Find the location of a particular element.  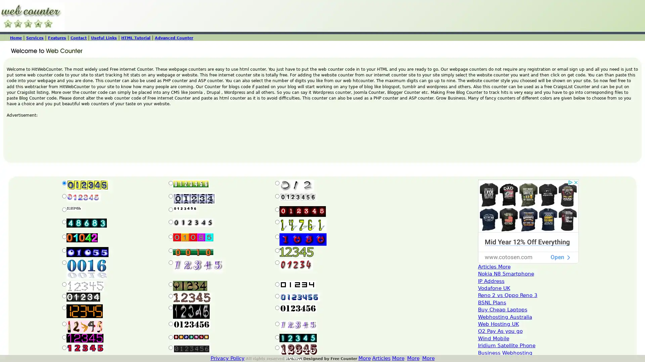

Submit is located at coordinates (189, 286).